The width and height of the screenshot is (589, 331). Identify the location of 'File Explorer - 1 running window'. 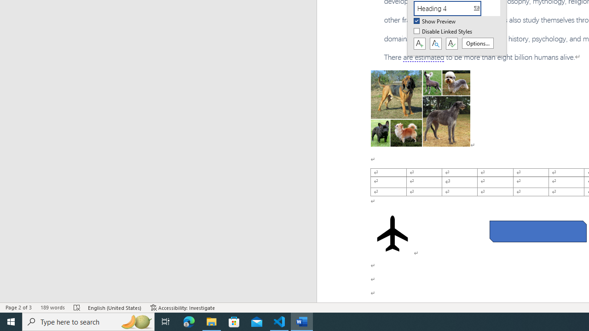
(211, 321).